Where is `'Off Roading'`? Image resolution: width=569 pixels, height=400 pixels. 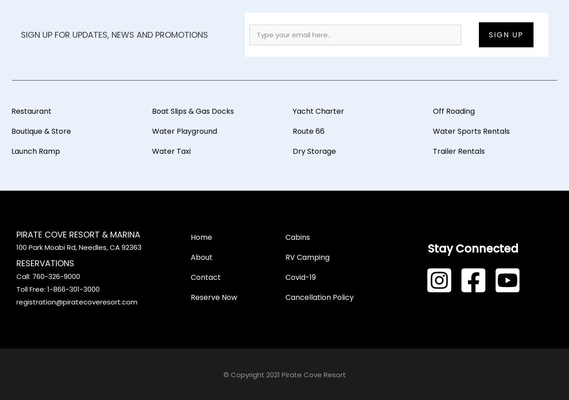 'Off Roading' is located at coordinates (453, 111).